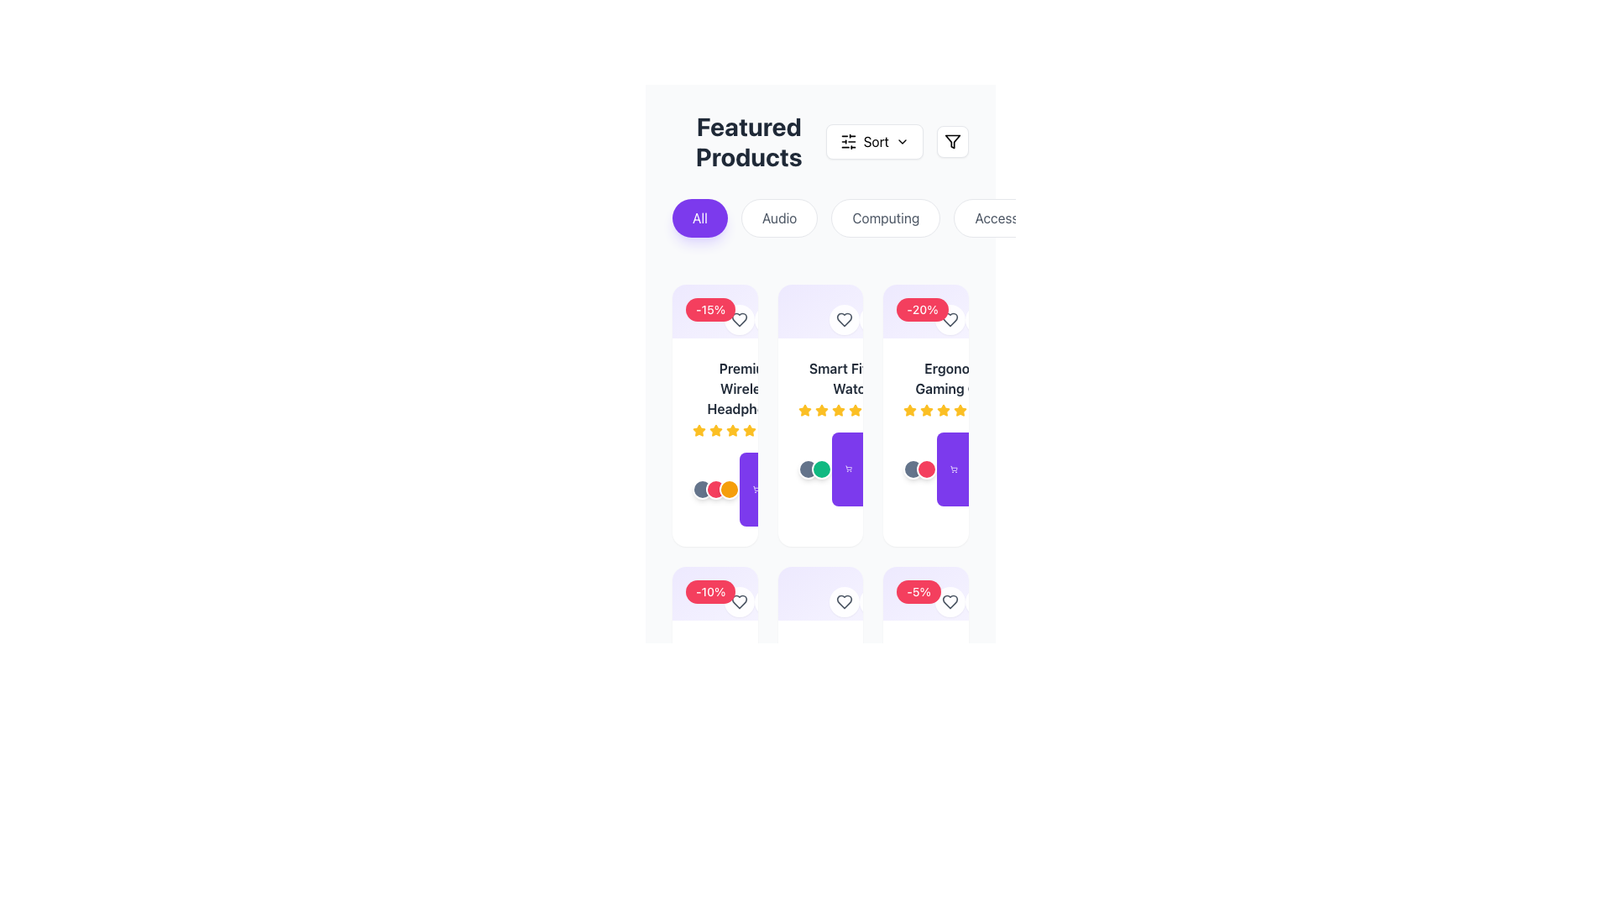  I want to click on the first interactive icon or button representing a variant selector for the Smart Fit Watch, so click(913, 469).